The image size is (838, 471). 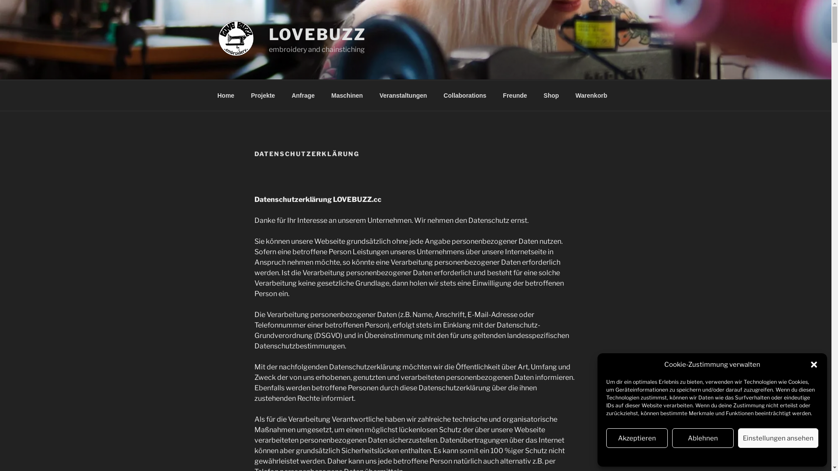 What do you see at coordinates (737, 438) in the screenshot?
I see `'Einstellungen ansehen'` at bounding box center [737, 438].